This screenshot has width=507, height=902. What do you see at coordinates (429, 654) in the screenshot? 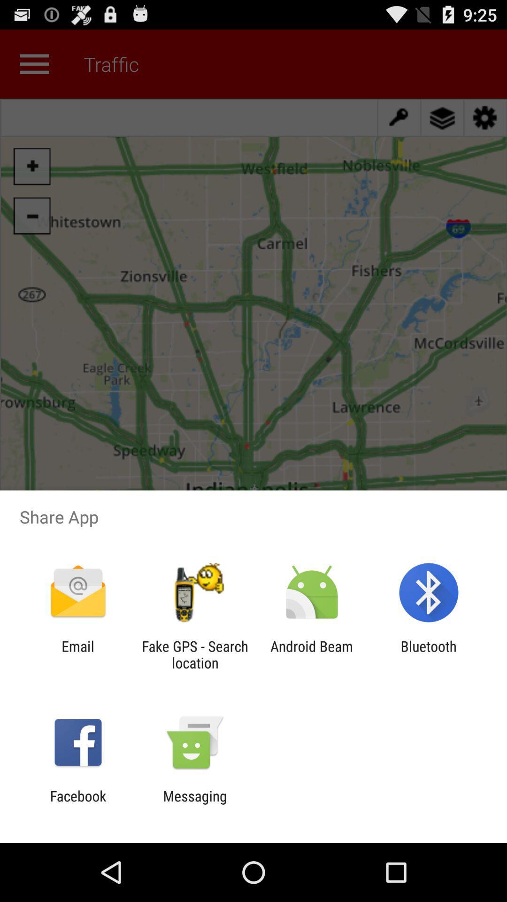
I see `the app to the right of the android beam item` at bounding box center [429, 654].